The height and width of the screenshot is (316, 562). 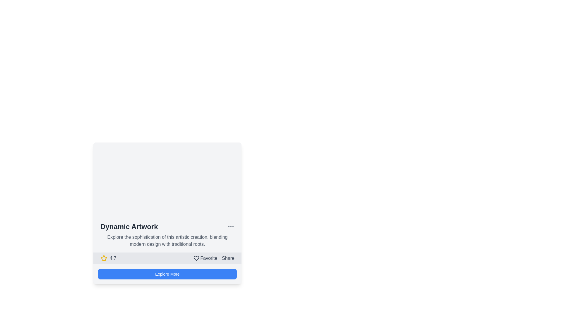 I want to click on the 'Share' text label, which is styled in gray and turns blue when hovered, located to the right of the 'Favorite' text label at the bottom right of the card, so click(x=228, y=258).